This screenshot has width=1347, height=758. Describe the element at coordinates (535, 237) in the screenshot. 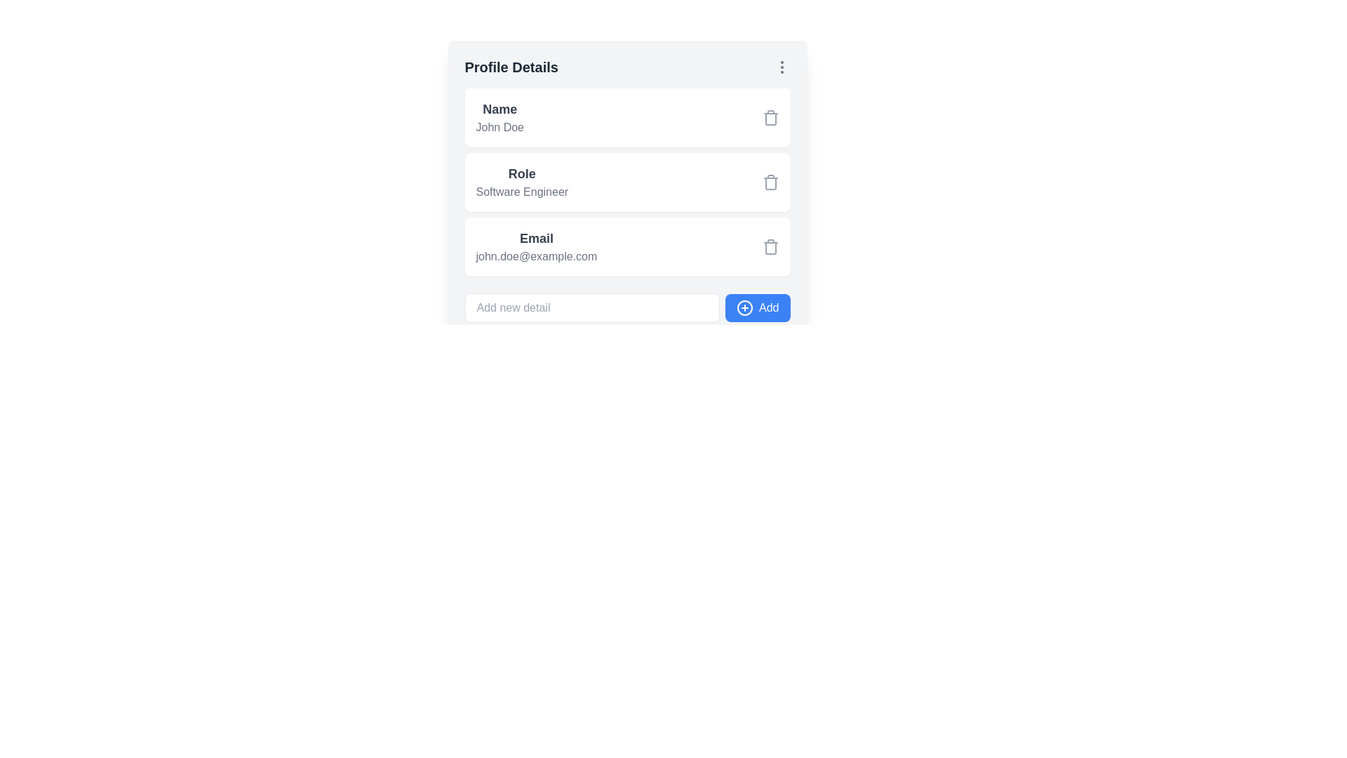

I see `the label that identifies the content 'john.doe@example.com' within the 'Profile Details' card section, which serves as a descriptor for the email address` at that location.